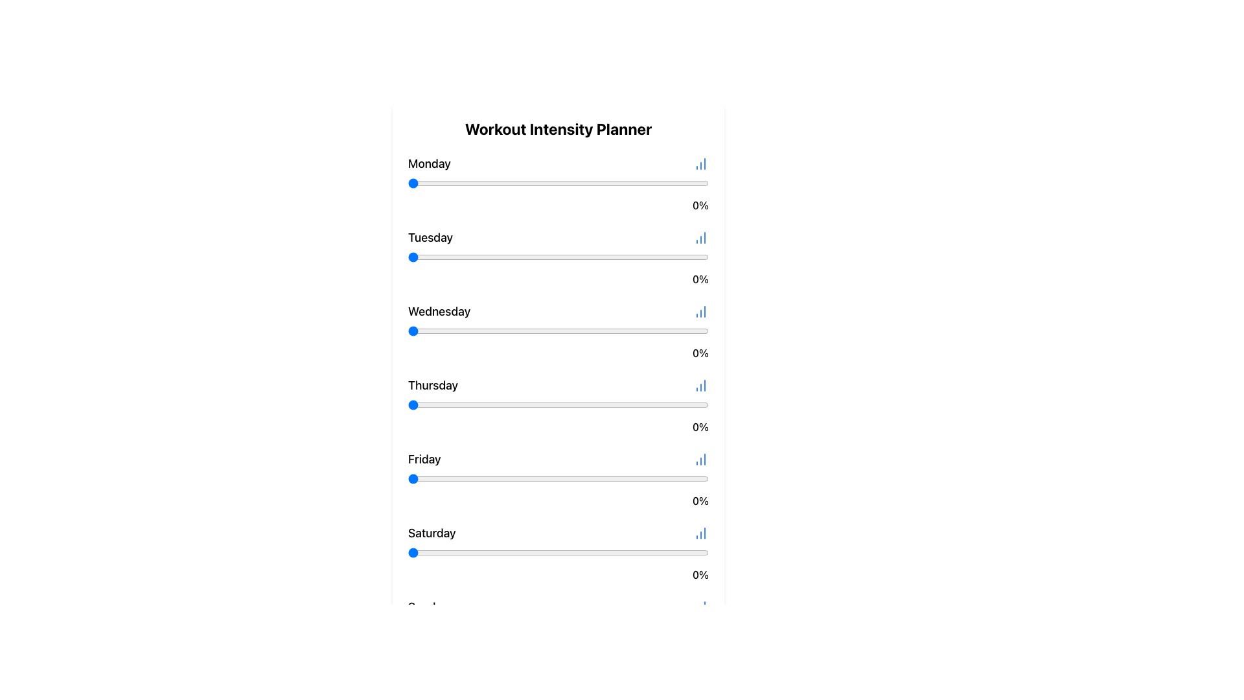 Image resolution: width=1244 pixels, height=700 pixels. I want to click on the Friday intensity, so click(564, 479).